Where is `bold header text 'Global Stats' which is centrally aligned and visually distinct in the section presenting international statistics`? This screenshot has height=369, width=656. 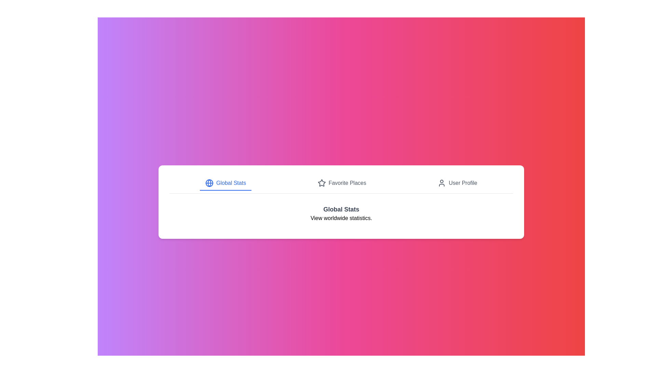
bold header text 'Global Stats' which is centrally aligned and visually distinct in the section presenting international statistics is located at coordinates (341, 209).